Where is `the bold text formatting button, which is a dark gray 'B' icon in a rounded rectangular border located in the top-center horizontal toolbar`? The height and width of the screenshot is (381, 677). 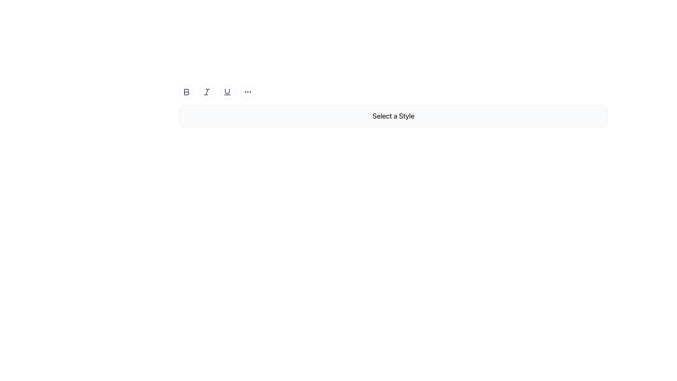 the bold text formatting button, which is a dark gray 'B' icon in a rounded rectangular border located in the top-center horizontal toolbar is located at coordinates (186, 92).